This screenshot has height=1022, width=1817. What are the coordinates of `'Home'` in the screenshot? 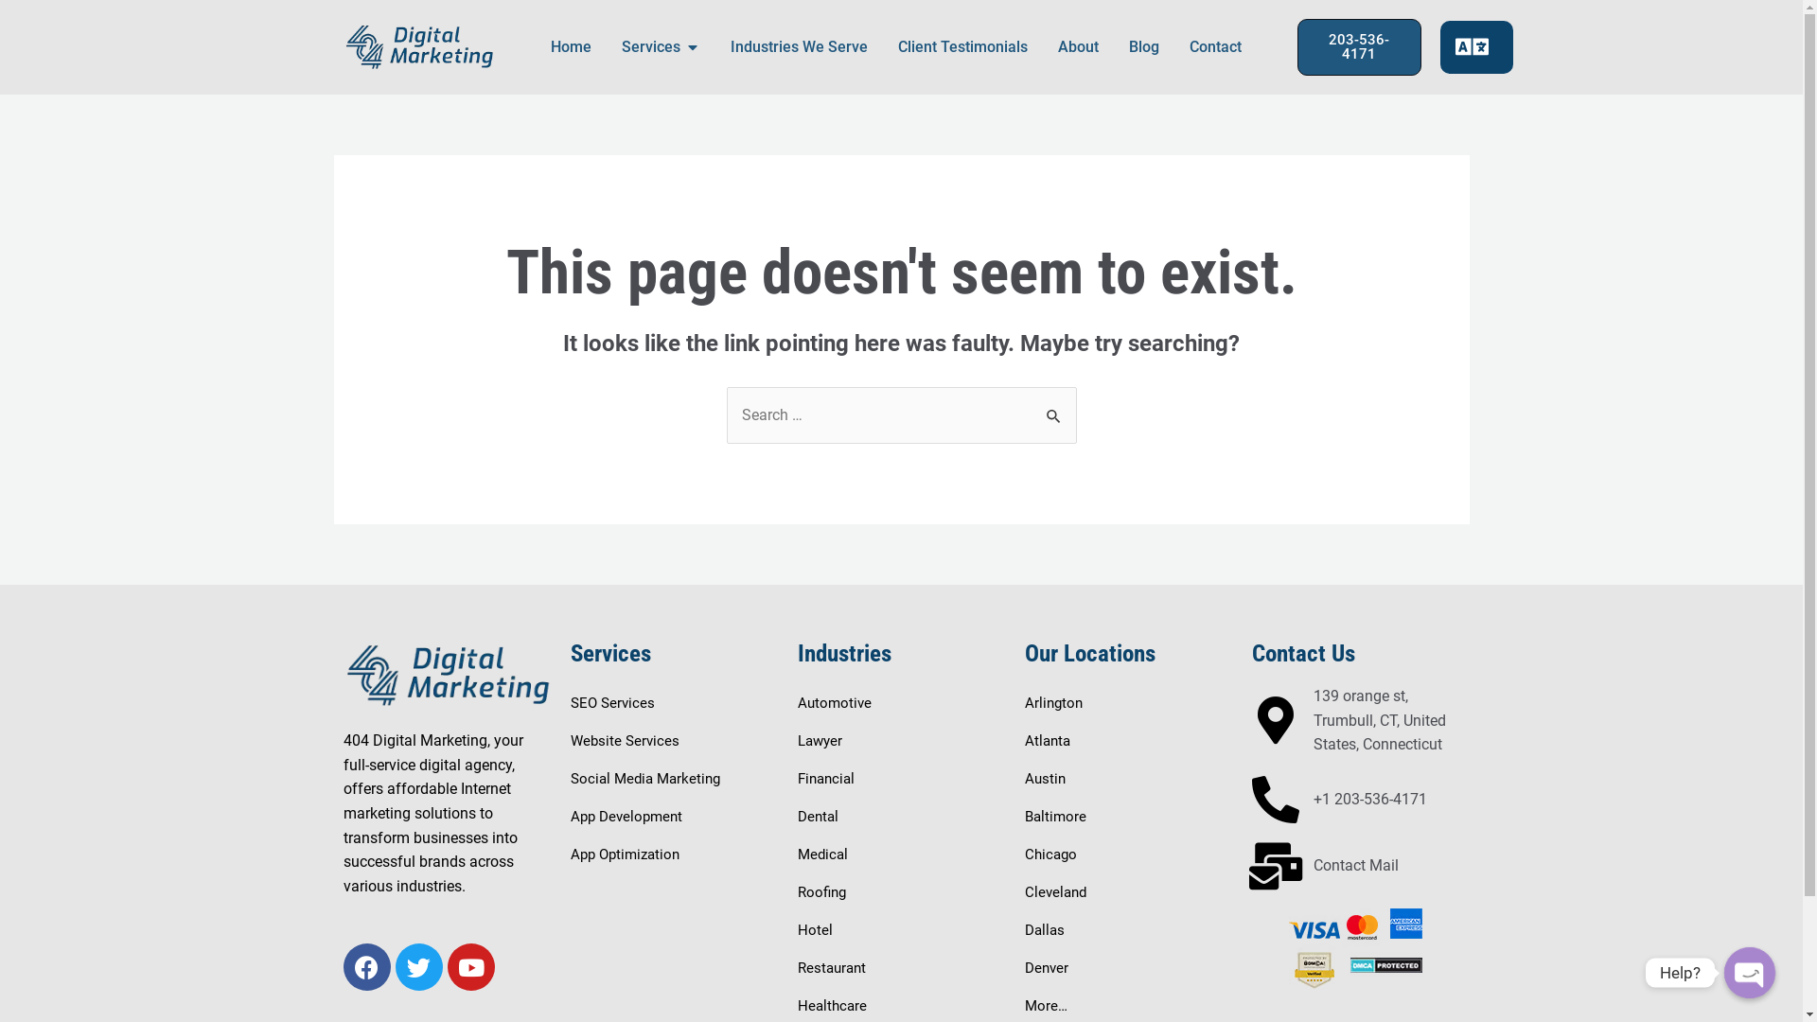 It's located at (570, 46).